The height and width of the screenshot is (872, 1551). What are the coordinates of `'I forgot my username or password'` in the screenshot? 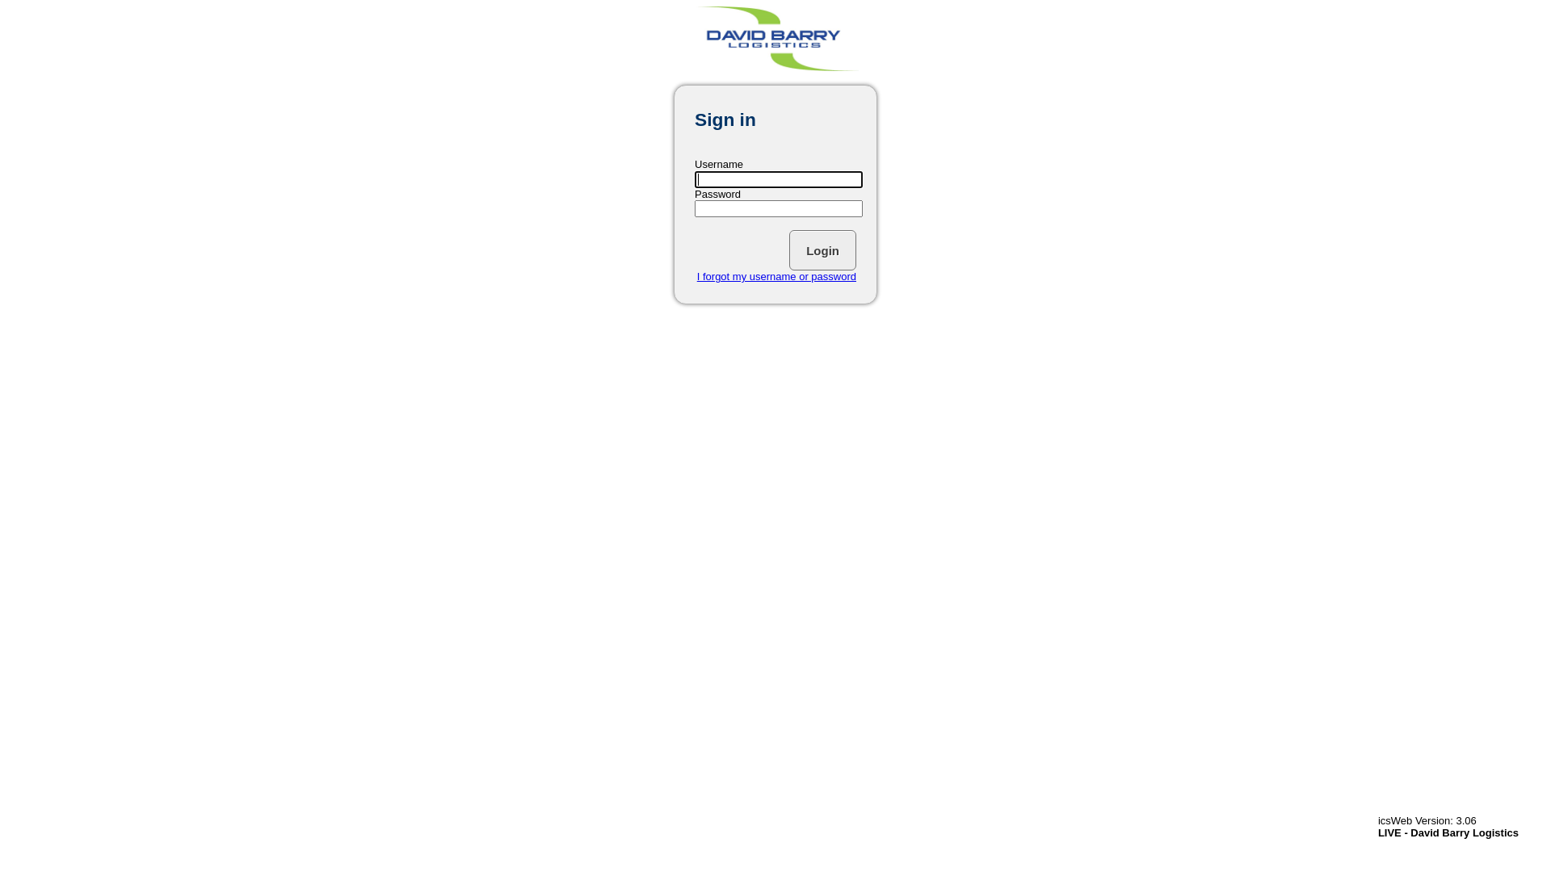 It's located at (697, 275).